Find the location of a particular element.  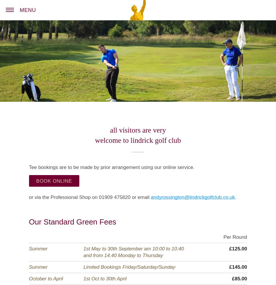

'Lindrick Golf Club' is located at coordinates (165, 4).